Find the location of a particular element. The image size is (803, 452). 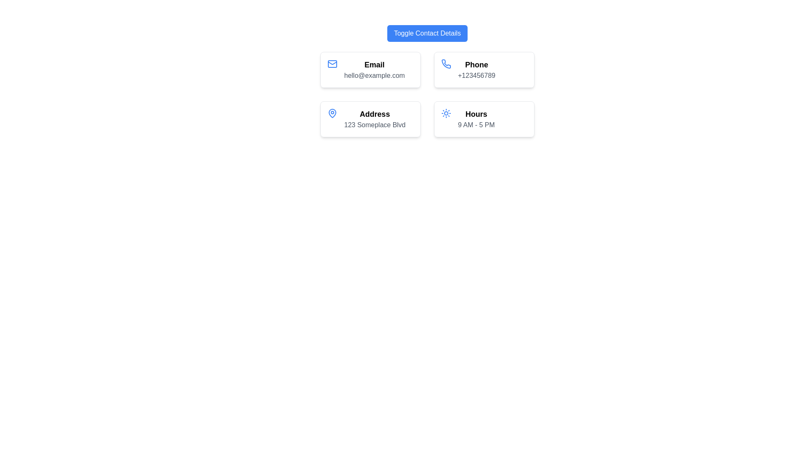

the telephone icon located at the top-left of the contact card, adjacent to the 'Phone' label is located at coordinates (445, 69).